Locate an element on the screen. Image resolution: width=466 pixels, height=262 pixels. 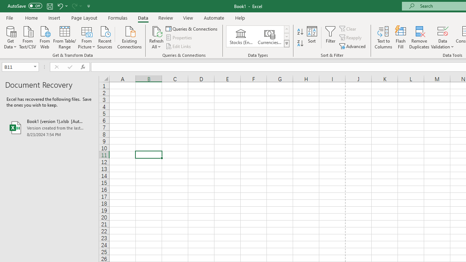
'Remove Duplicates' is located at coordinates (419, 37).